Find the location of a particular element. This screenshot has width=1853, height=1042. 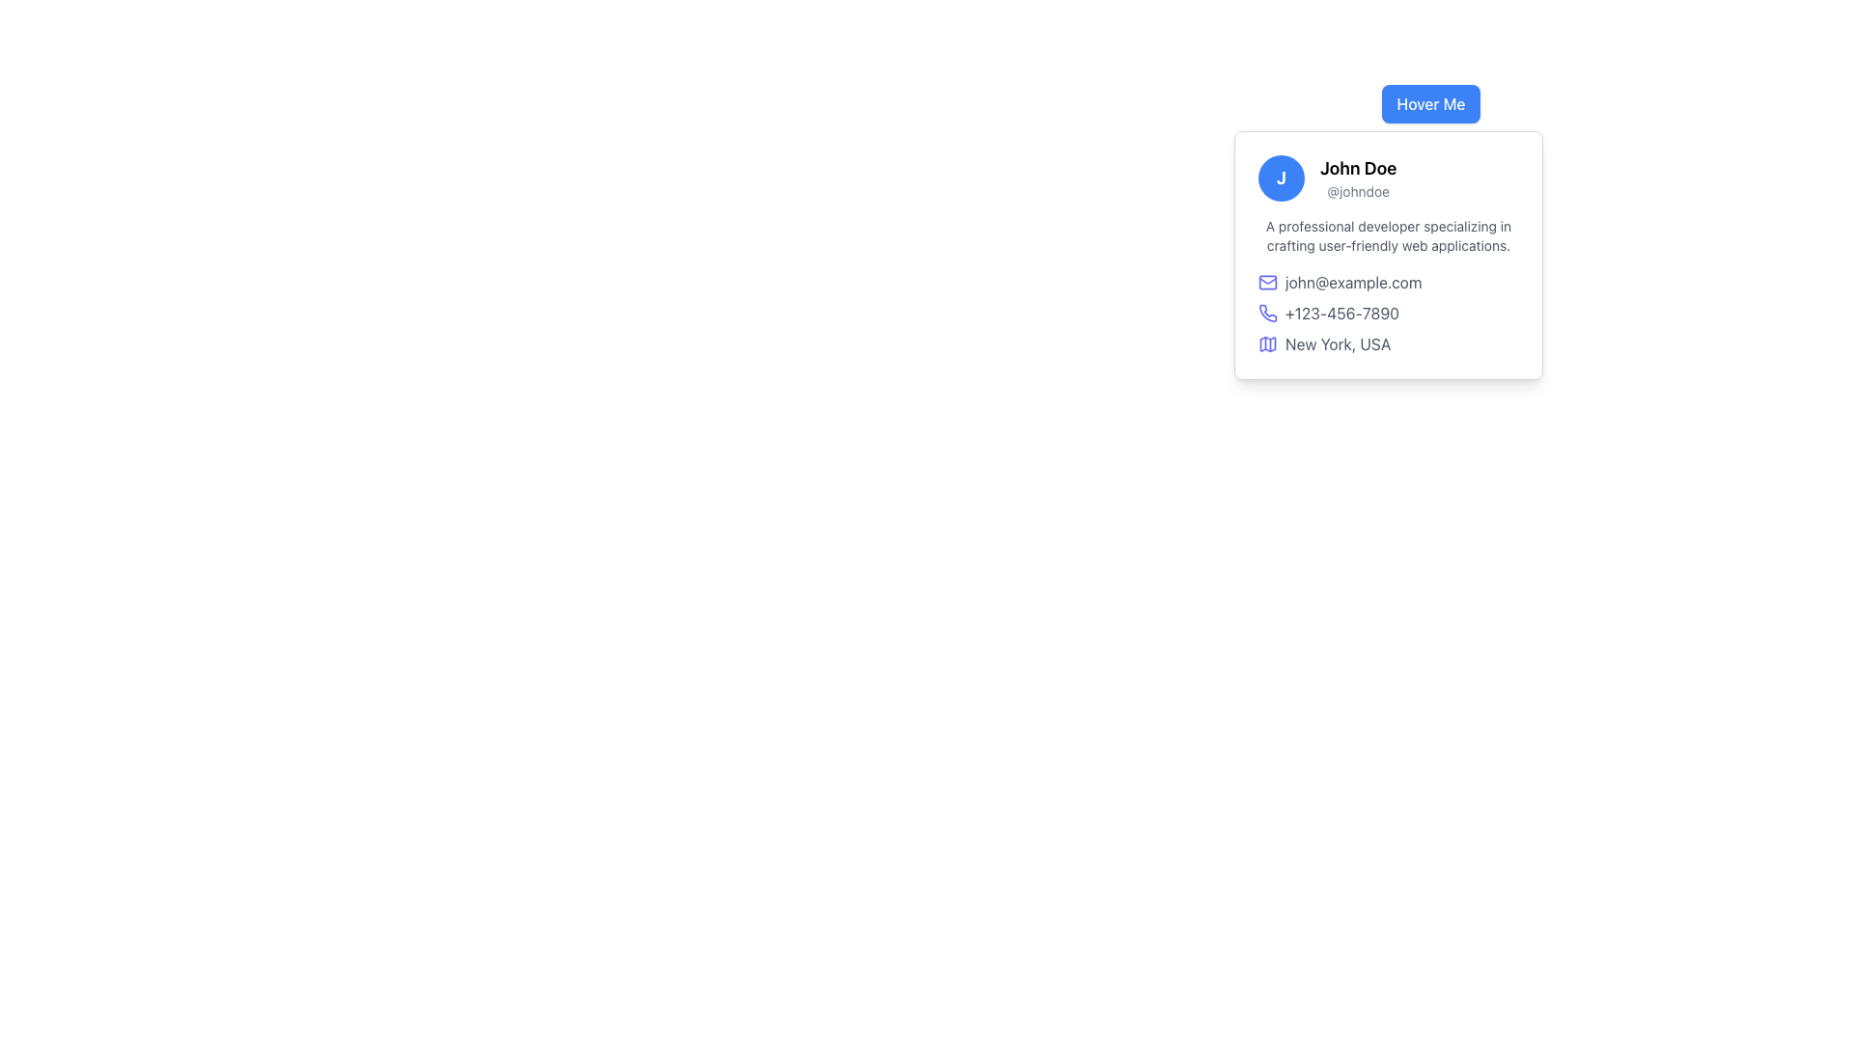

the username text element located beneath the name 'John Doe' in the top-right portion of the card is located at coordinates (1357, 192).